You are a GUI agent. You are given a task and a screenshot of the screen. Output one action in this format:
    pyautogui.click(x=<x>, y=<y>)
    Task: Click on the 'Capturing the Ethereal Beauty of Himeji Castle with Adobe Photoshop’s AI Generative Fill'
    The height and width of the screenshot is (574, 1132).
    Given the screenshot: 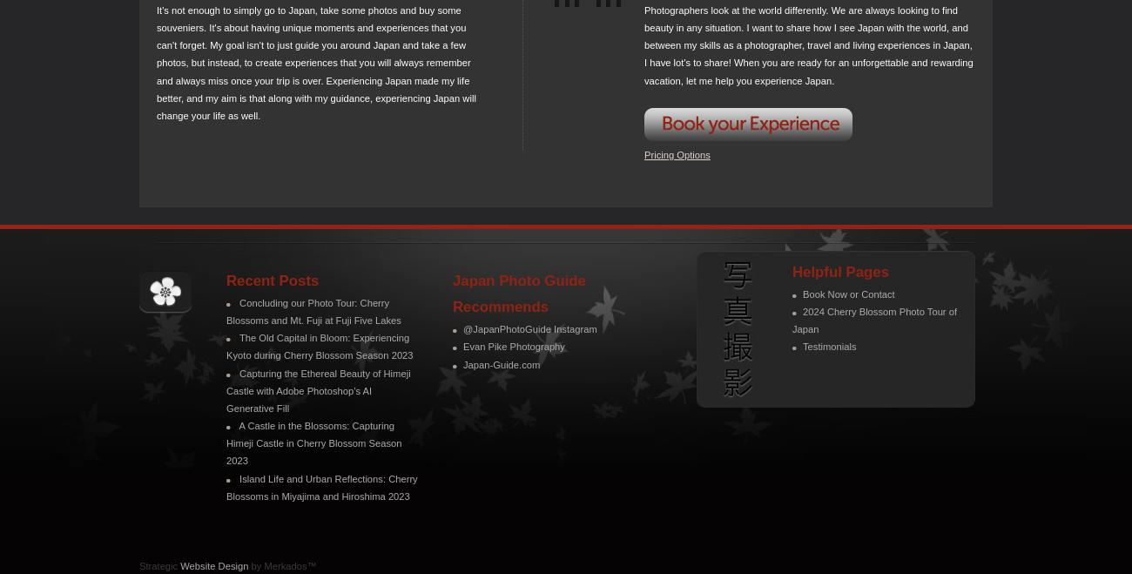 What is the action you would take?
    pyautogui.click(x=317, y=388)
    